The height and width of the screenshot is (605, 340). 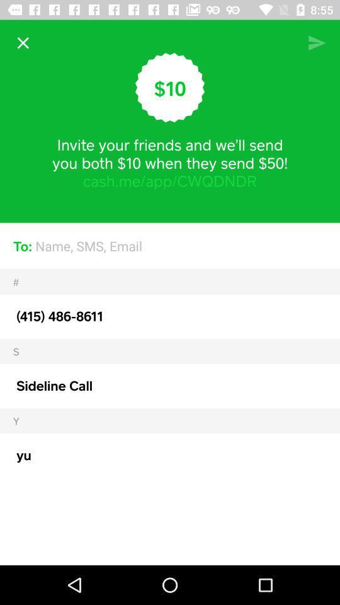 I want to click on the link below the white color text on the top, so click(x=170, y=180).